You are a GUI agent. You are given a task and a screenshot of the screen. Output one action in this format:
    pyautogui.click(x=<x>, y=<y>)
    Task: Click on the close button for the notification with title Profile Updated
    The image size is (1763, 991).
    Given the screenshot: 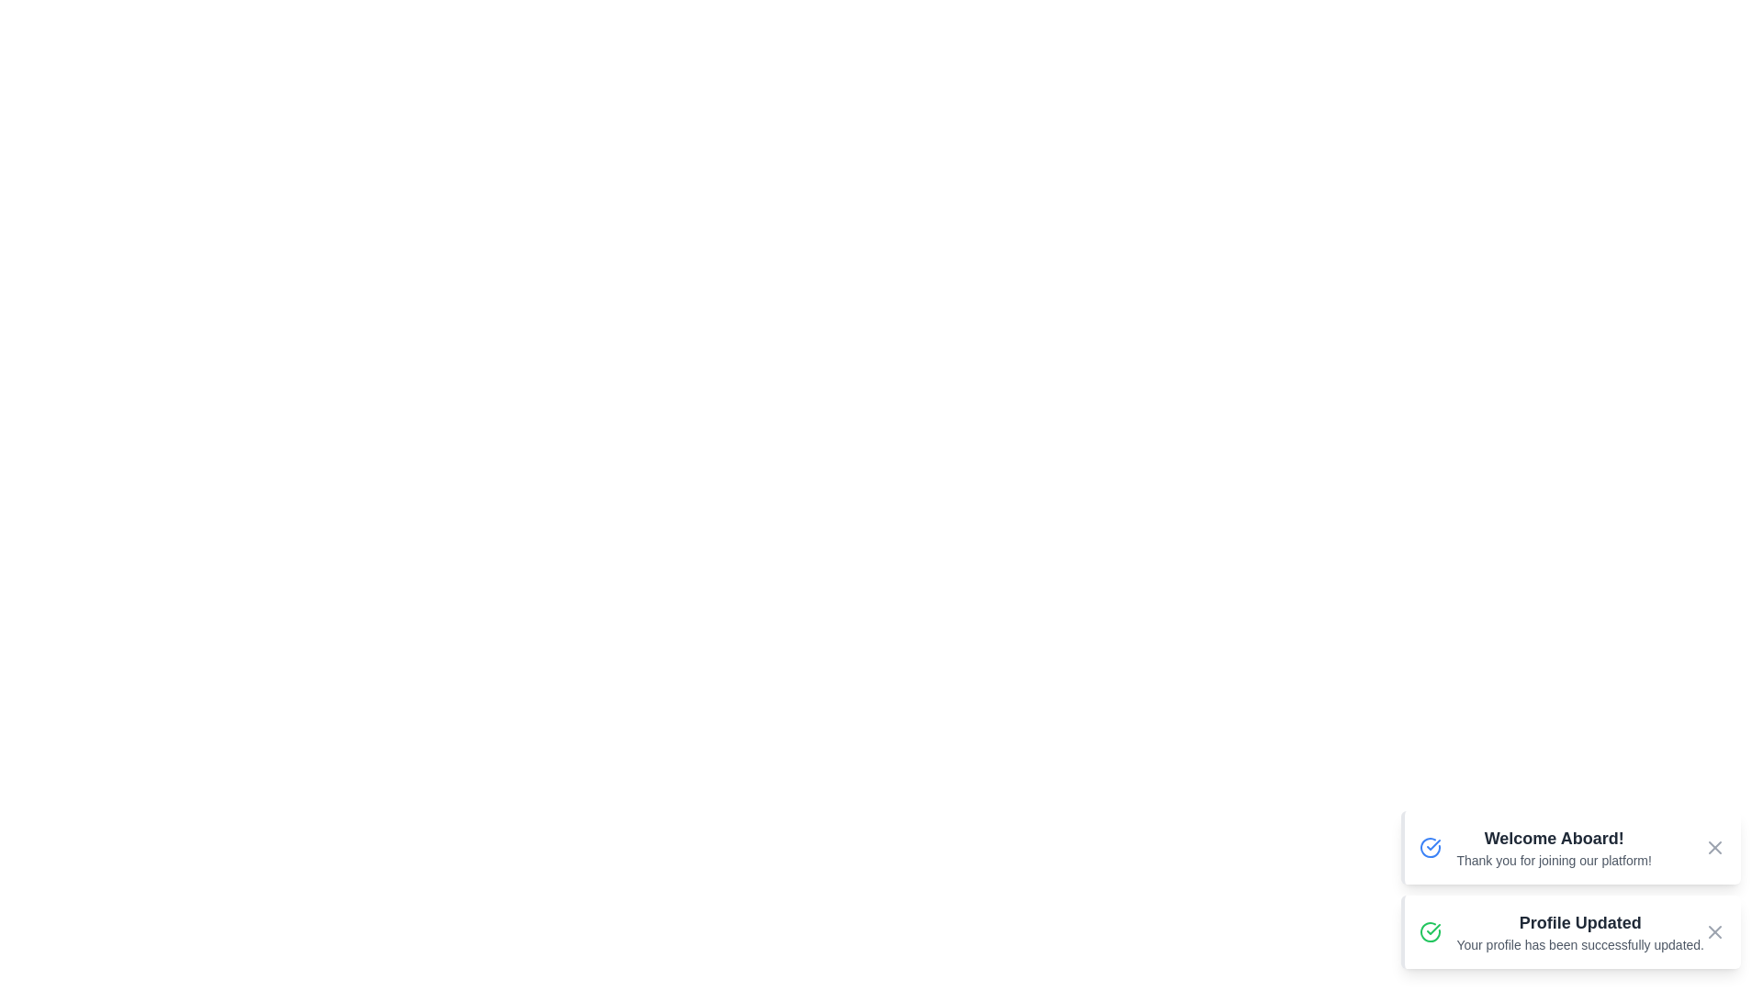 What is the action you would take?
    pyautogui.click(x=1713, y=931)
    